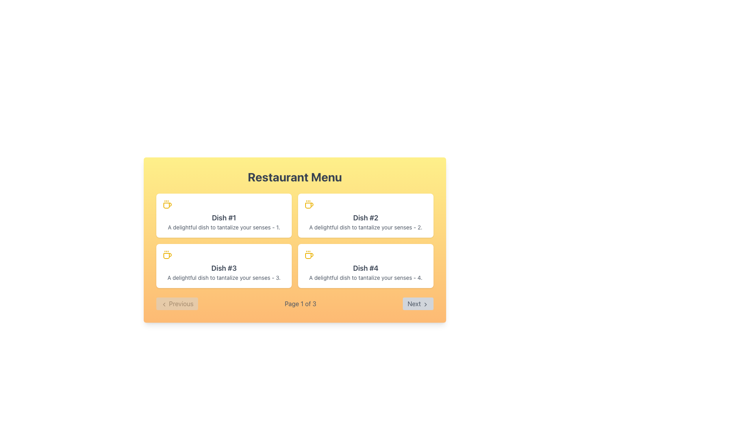  I want to click on the coffee cup icon with a yellow outline located in the top-left corner of the 'Dish #4' card, so click(309, 255).